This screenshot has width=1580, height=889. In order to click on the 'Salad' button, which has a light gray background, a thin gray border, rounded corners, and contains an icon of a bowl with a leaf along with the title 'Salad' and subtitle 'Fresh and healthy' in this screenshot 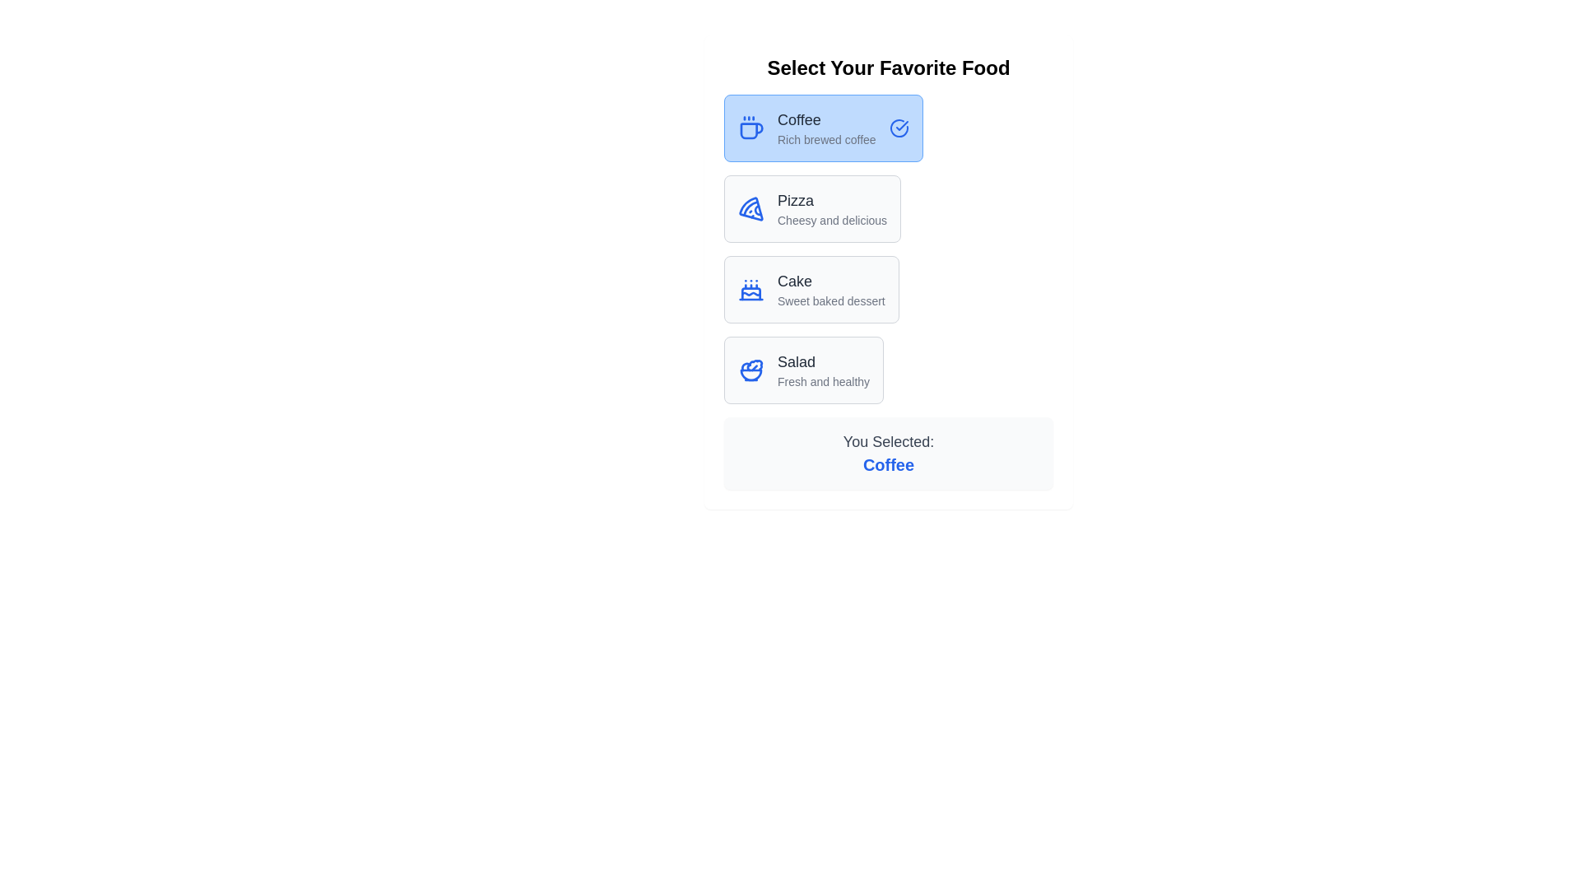, I will do `click(804, 370)`.